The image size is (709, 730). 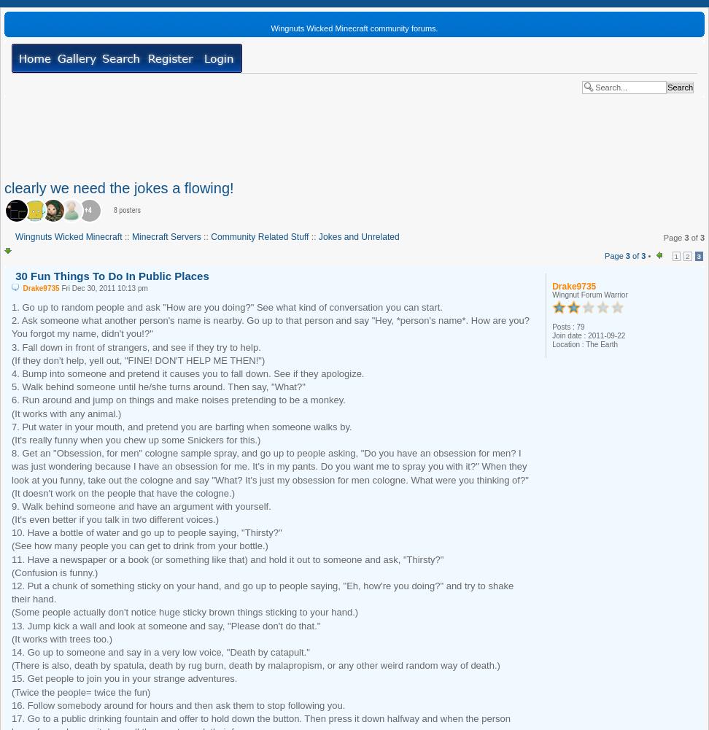 What do you see at coordinates (685, 256) in the screenshot?
I see `'2'` at bounding box center [685, 256].